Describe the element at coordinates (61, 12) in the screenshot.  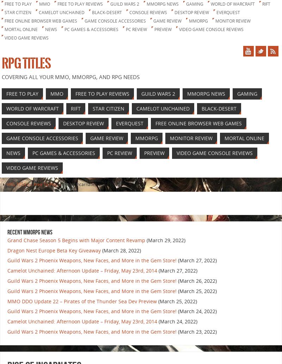
I see `'Camelot Unchained'` at that location.